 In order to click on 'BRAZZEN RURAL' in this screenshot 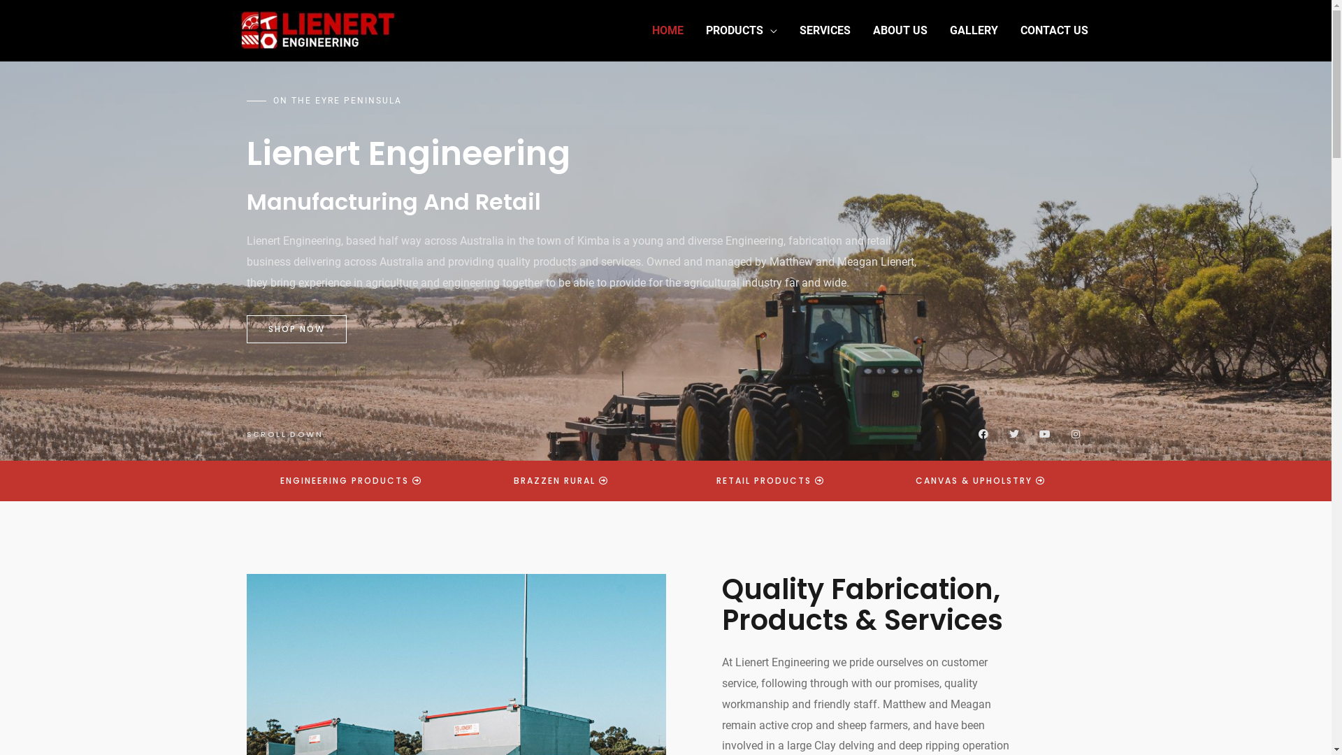, I will do `click(492, 480)`.